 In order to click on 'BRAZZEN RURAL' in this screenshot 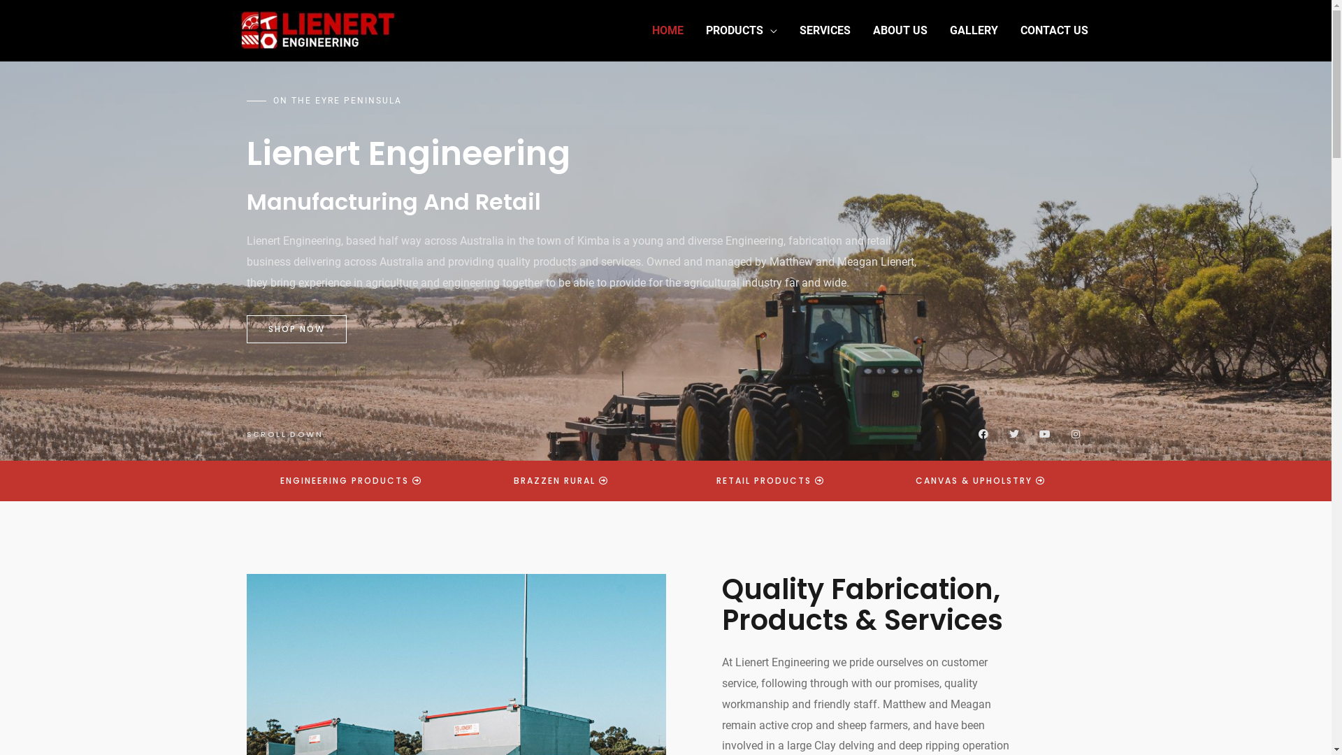, I will do `click(492, 480)`.